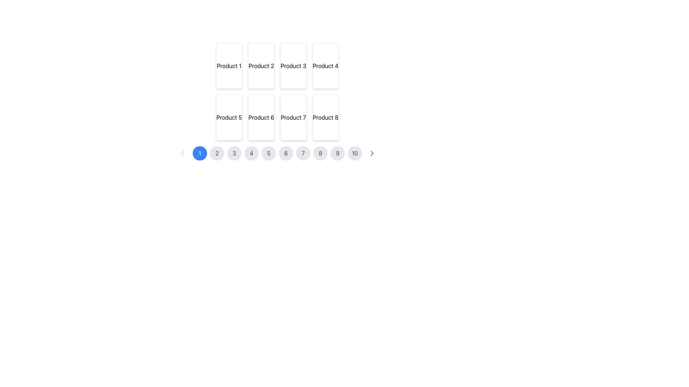 The height and width of the screenshot is (387, 689). What do you see at coordinates (325, 66) in the screenshot?
I see `the displayed information on the fourth product card in the grid layout, which shows the product label` at bounding box center [325, 66].